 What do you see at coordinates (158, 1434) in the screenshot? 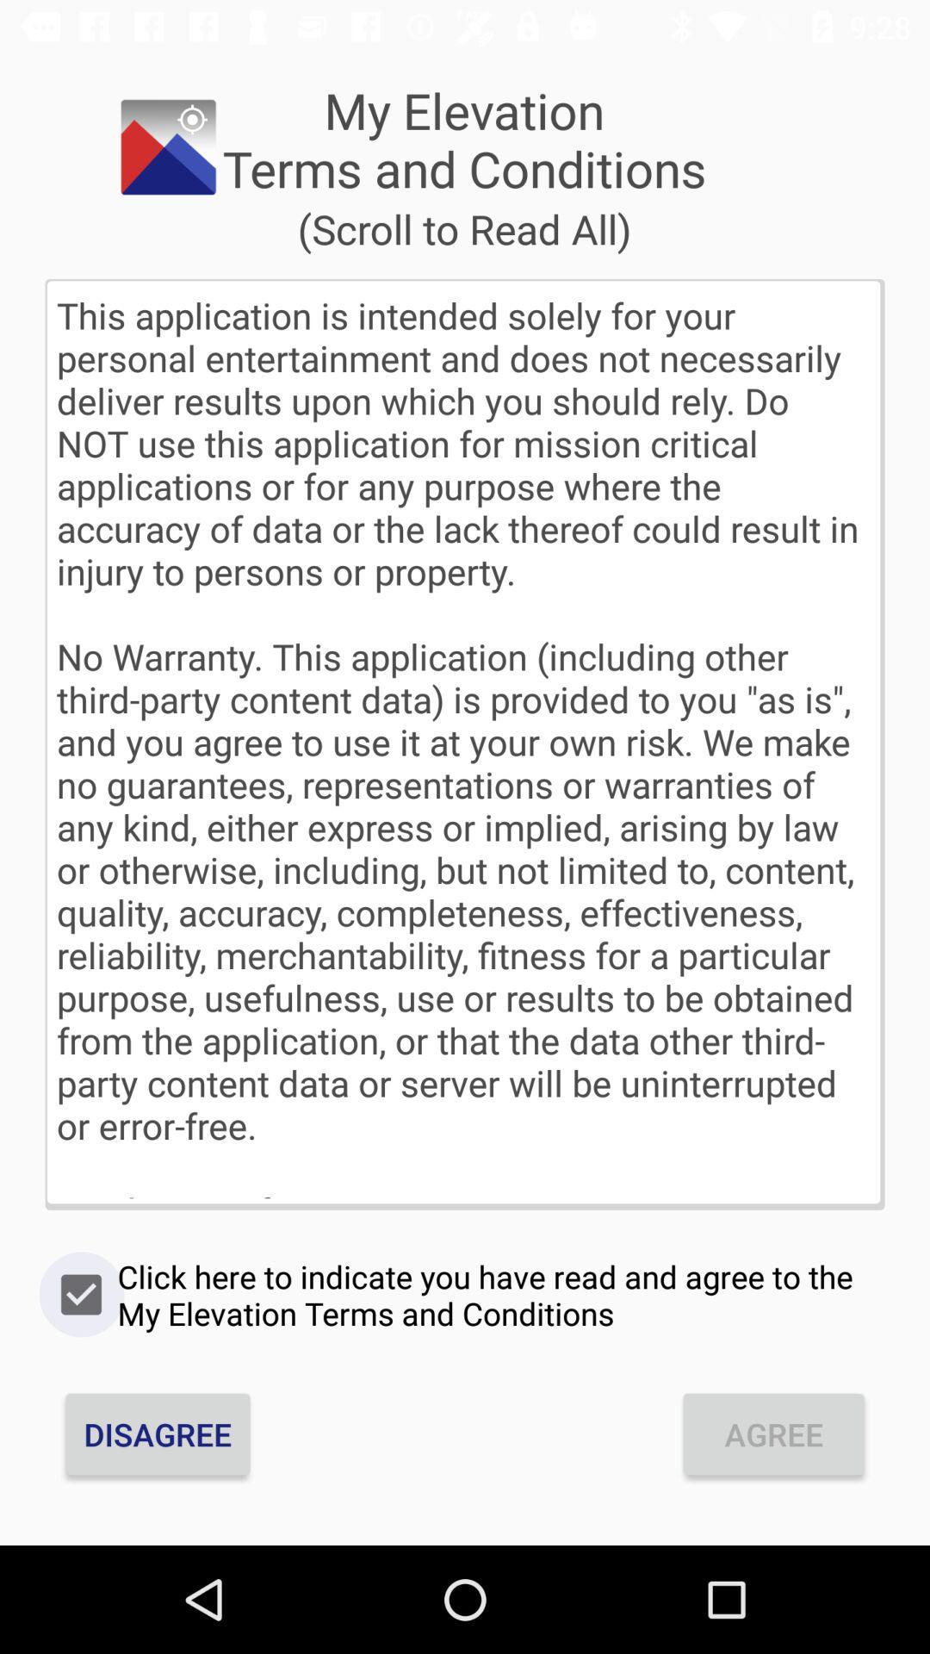
I see `disagree icon` at bounding box center [158, 1434].